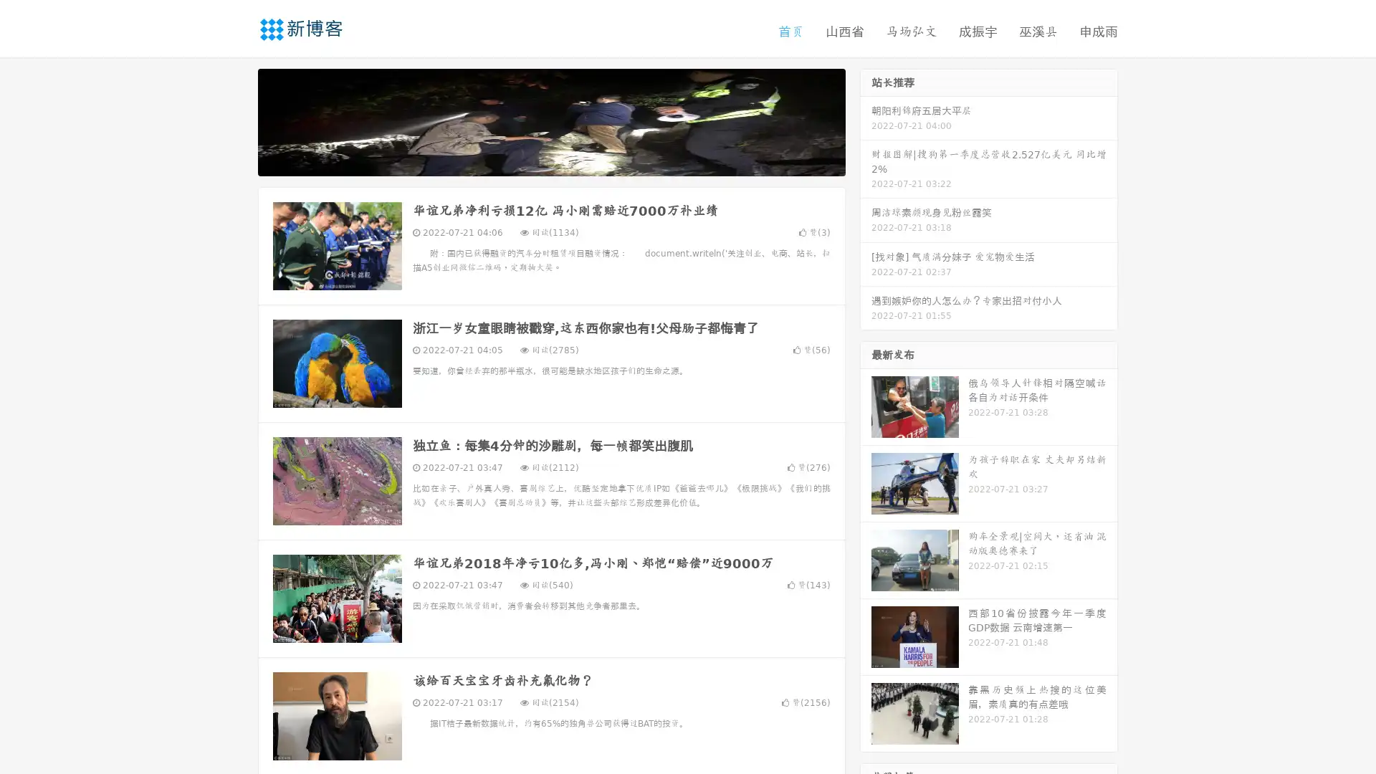  I want to click on Next slide, so click(866, 120).